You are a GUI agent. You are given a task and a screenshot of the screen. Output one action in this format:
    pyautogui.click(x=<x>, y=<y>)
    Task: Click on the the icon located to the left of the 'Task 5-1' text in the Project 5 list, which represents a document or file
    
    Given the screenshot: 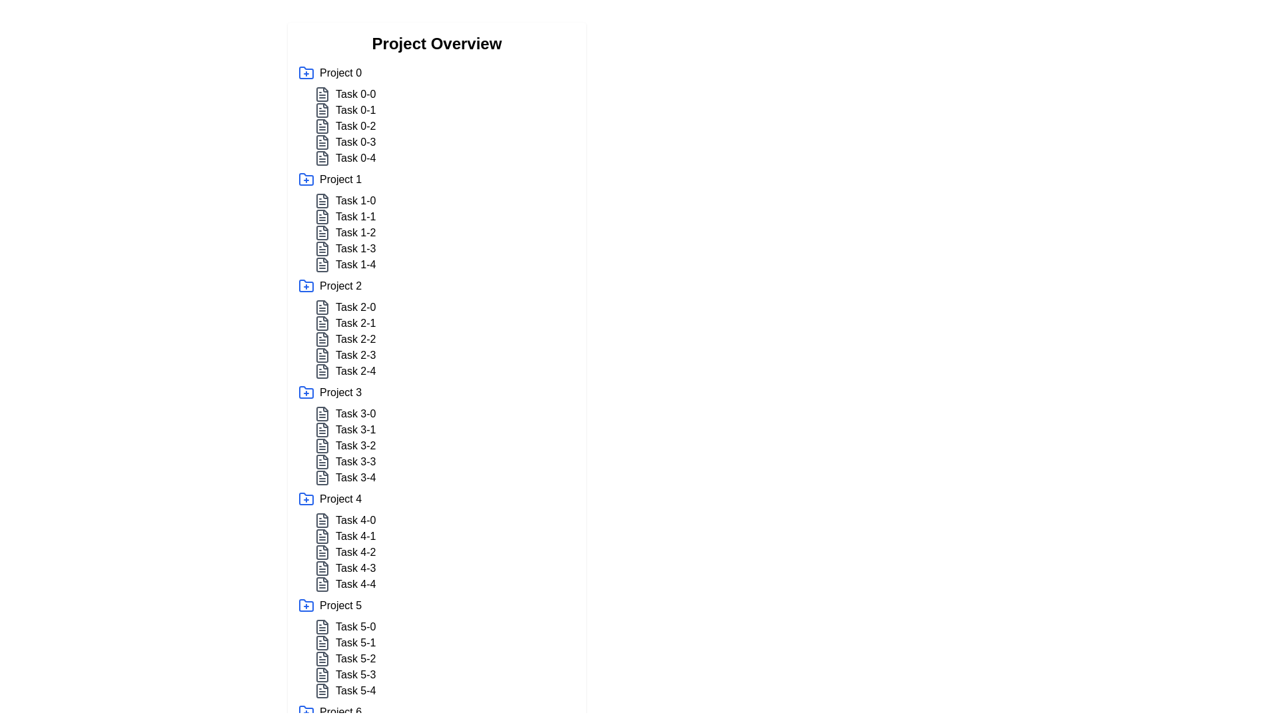 What is the action you would take?
    pyautogui.click(x=322, y=642)
    